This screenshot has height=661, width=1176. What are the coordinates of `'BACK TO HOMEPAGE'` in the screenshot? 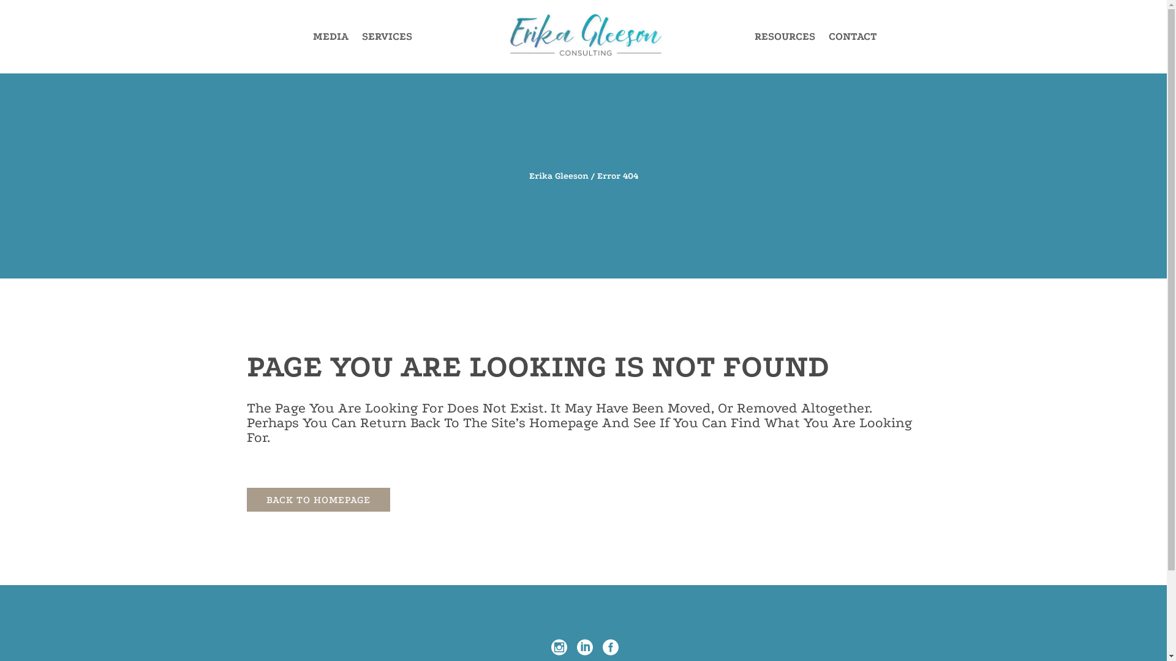 It's located at (317, 499).